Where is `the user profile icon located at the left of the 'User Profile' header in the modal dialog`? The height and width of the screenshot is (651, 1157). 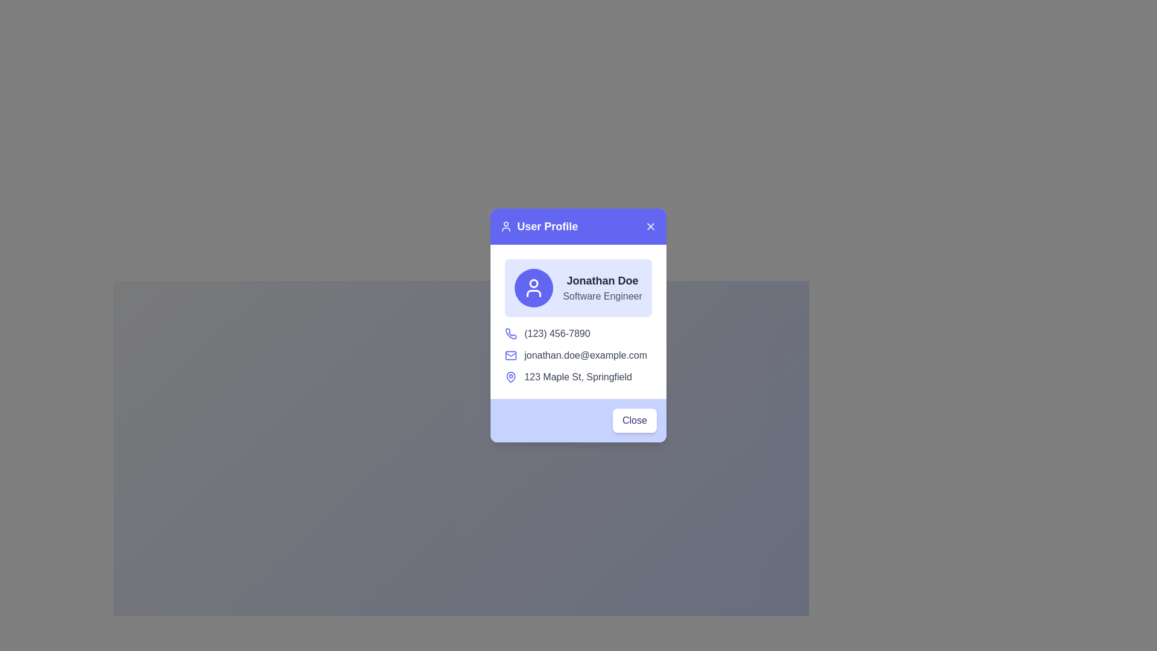
the user profile icon located at the left of the 'User Profile' header in the modal dialog is located at coordinates (506, 226).